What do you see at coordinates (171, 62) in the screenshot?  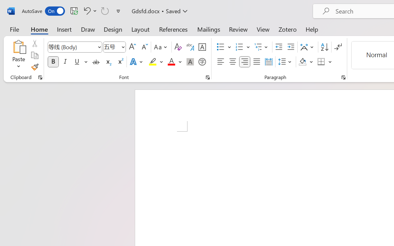 I see `'Font Color Red'` at bounding box center [171, 62].